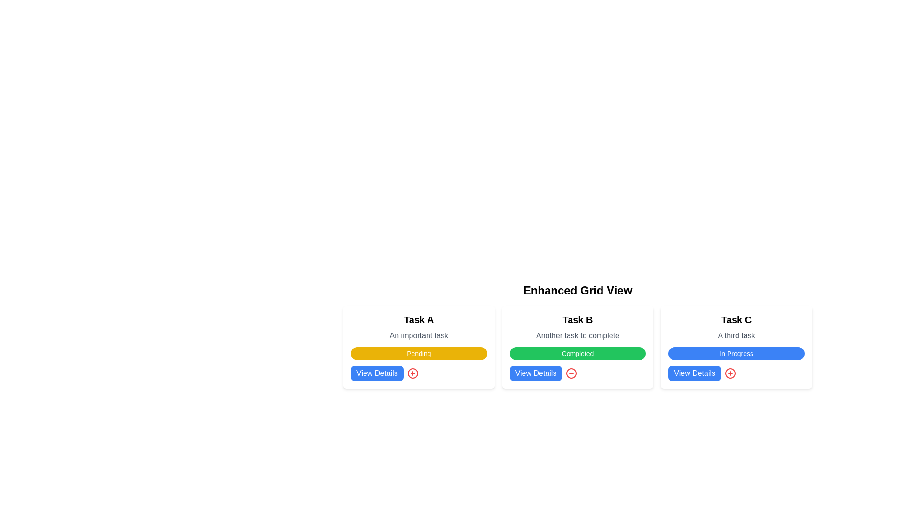 The height and width of the screenshot is (508, 903). Describe the element at coordinates (418, 347) in the screenshot. I see `the Status Badge with a yellow background and 'Pending' text, located within the card labeled 'Task A', positioned below the task description` at that location.